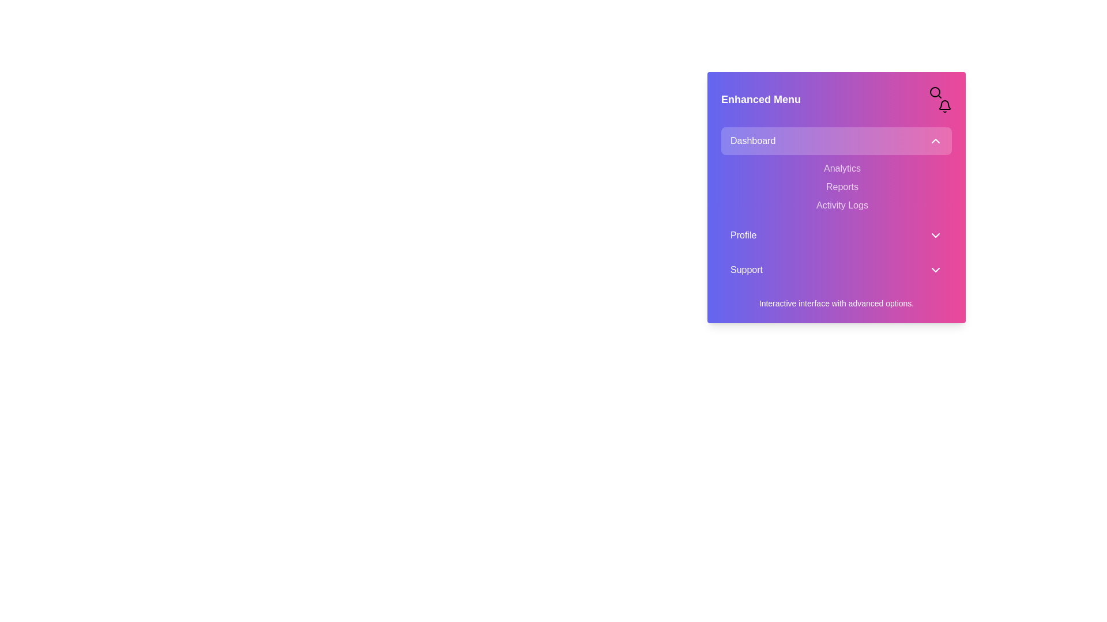 Image resolution: width=1107 pixels, height=622 pixels. Describe the element at coordinates (935, 234) in the screenshot. I see `the downward-pointing Chevron Icon located to the right of the 'Profile' label` at that location.